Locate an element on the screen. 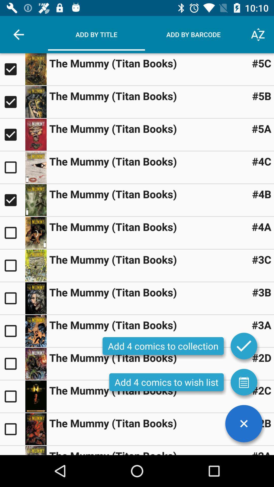 Image resolution: width=274 pixels, height=487 pixels. the #5a icon is located at coordinates (261, 129).